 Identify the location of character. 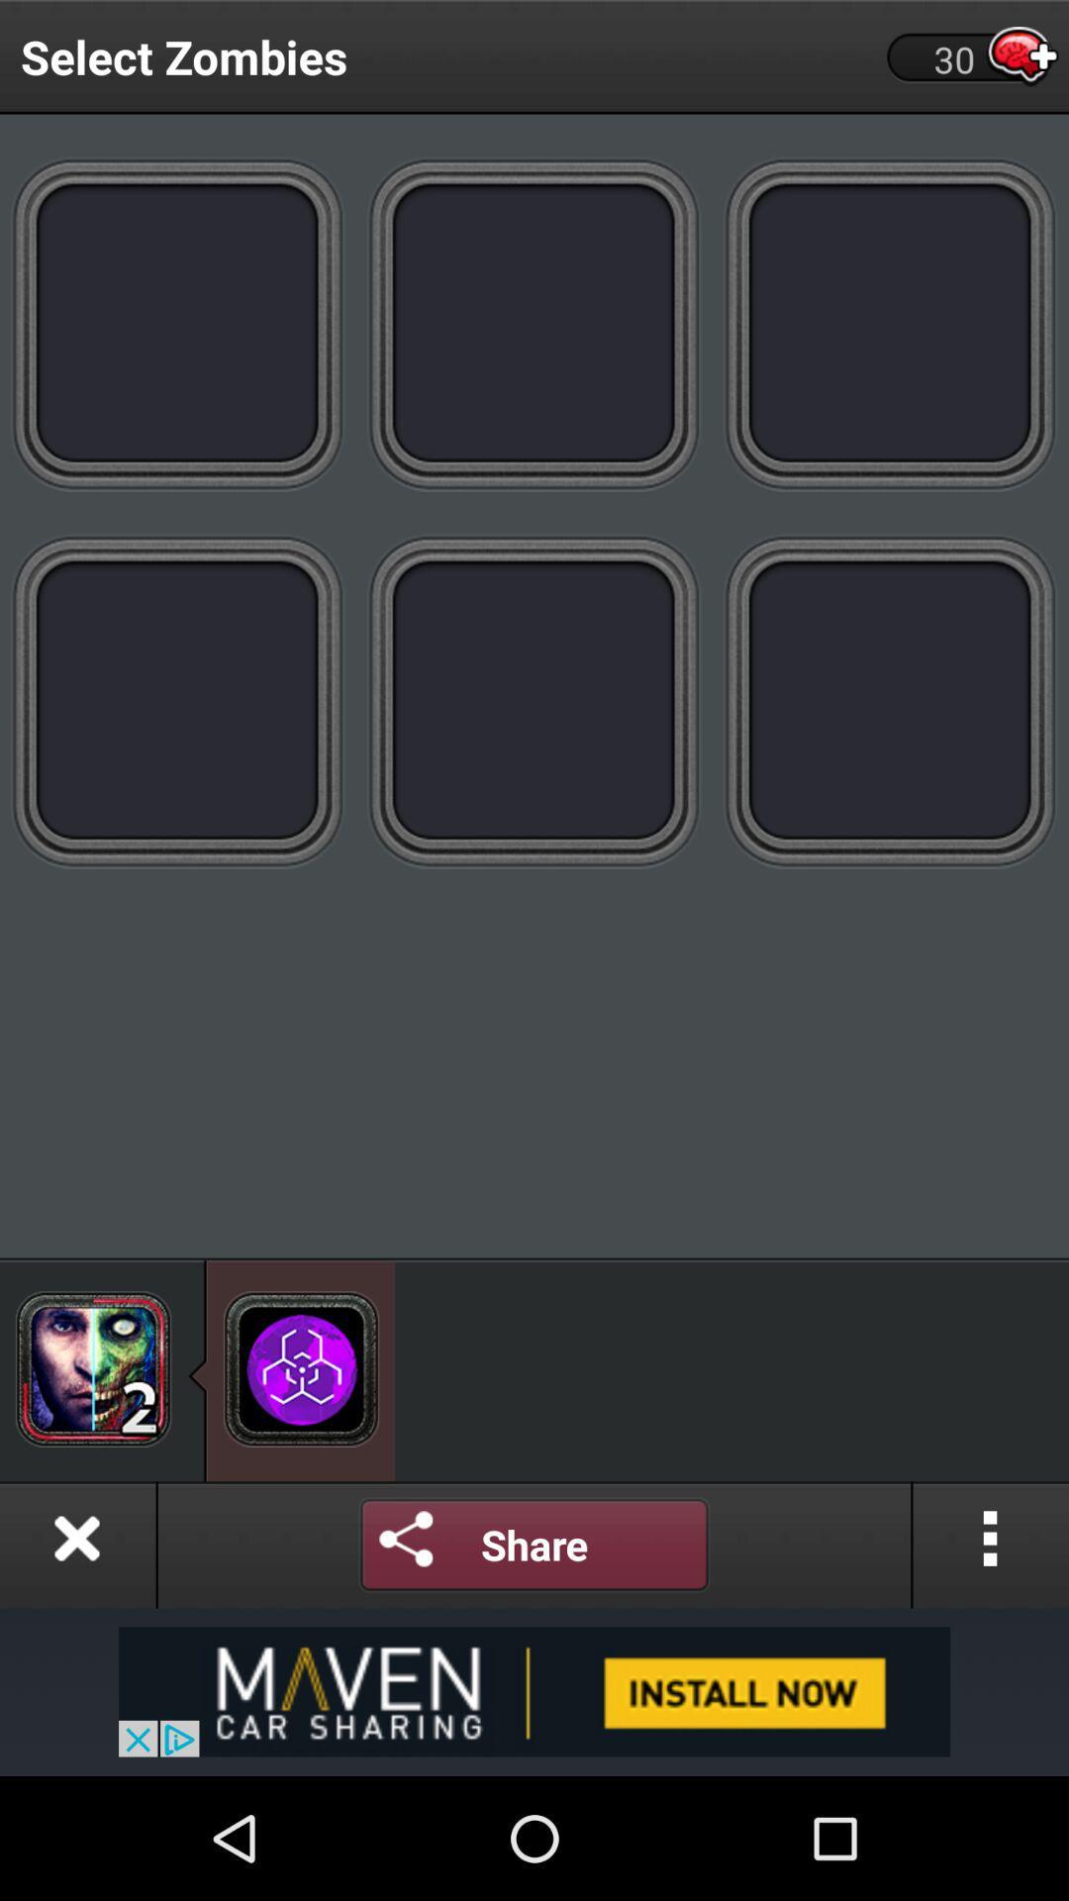
(93, 1367).